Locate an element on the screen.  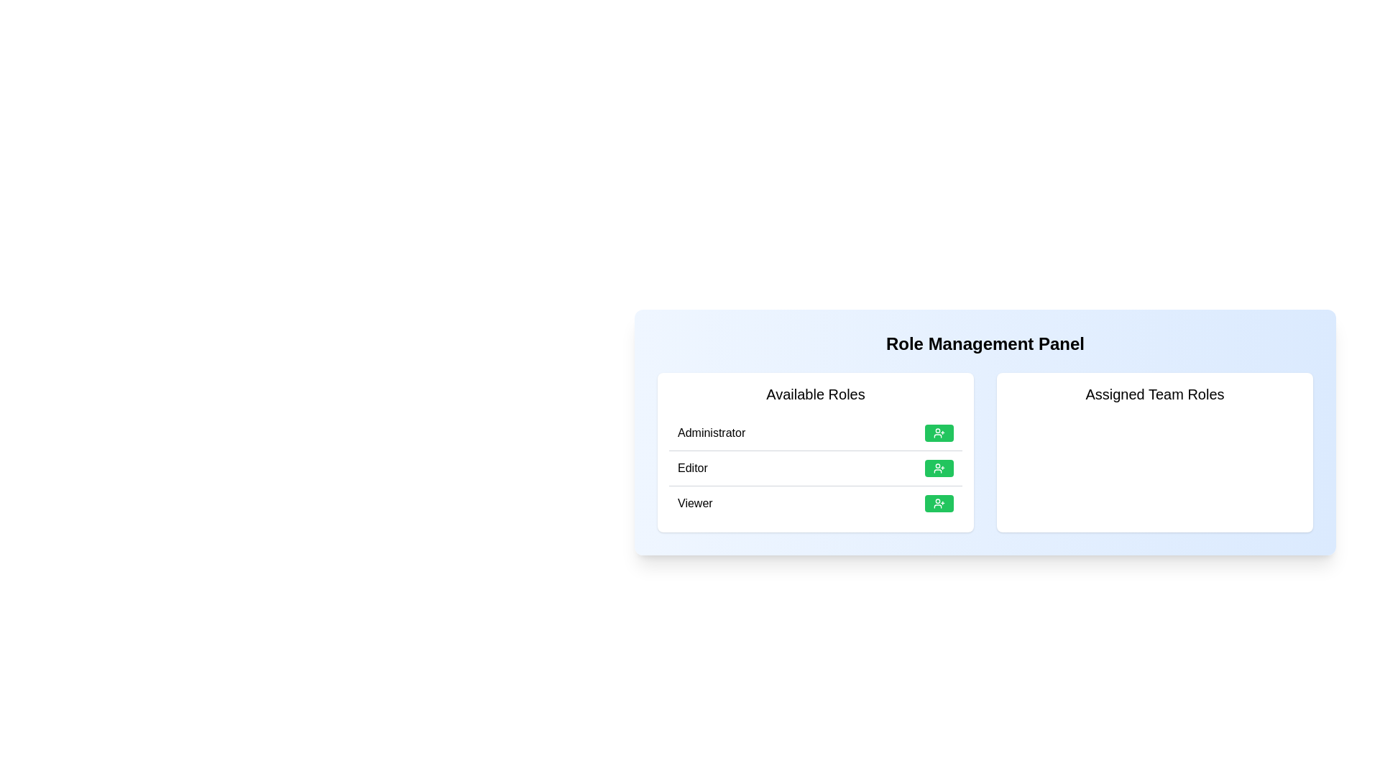
the text 'Administrator' in the 'Available Roles' section is located at coordinates (676, 423).